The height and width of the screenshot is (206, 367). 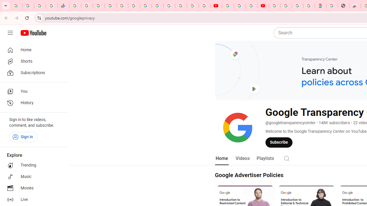 What do you see at coordinates (320, 6) in the screenshot?
I see `'Atour Hotel - Google hotels'` at bounding box center [320, 6].